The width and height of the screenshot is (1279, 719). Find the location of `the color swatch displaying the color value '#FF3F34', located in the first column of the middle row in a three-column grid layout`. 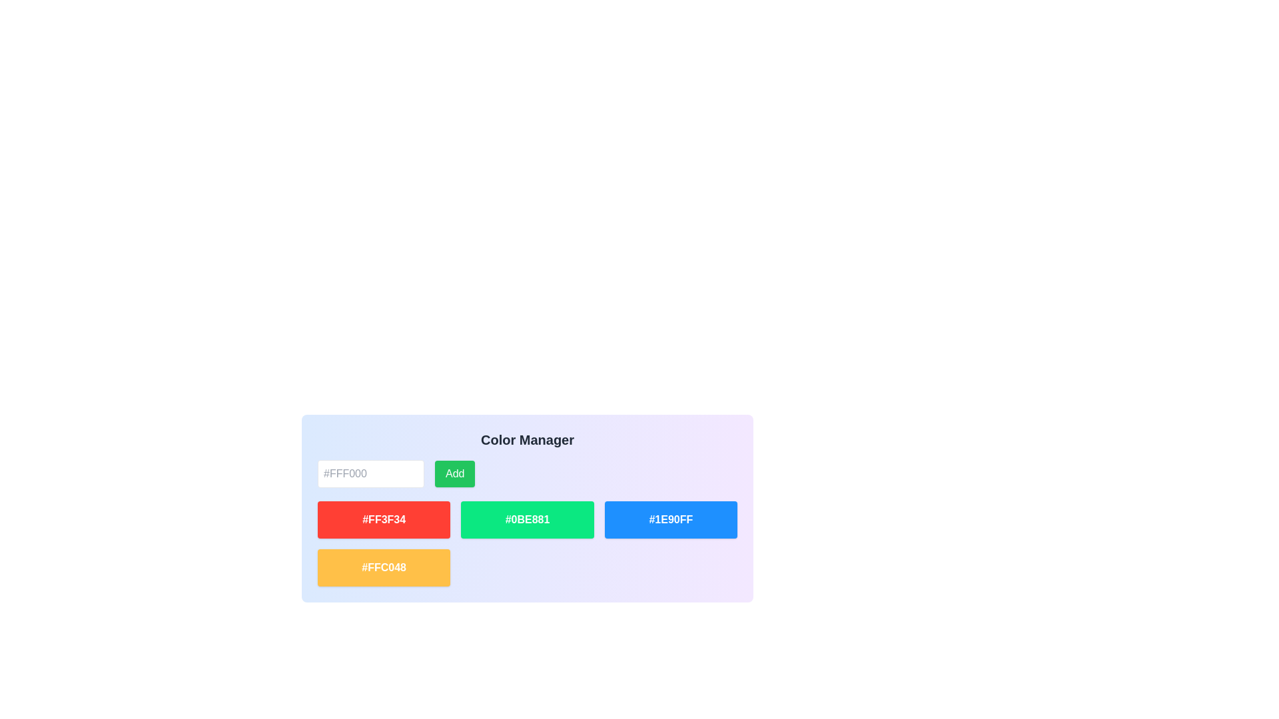

the color swatch displaying the color value '#FF3F34', located in the first column of the middle row in a three-column grid layout is located at coordinates (383, 519).